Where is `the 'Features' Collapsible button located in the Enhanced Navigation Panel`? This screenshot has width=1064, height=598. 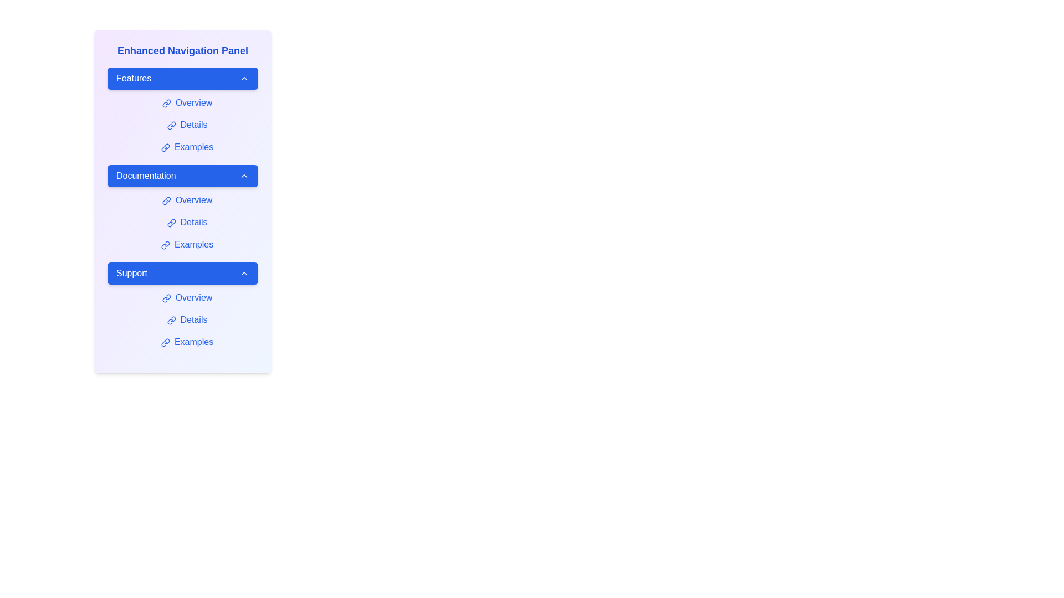
the 'Features' Collapsible button located in the Enhanced Navigation Panel is located at coordinates (183, 78).